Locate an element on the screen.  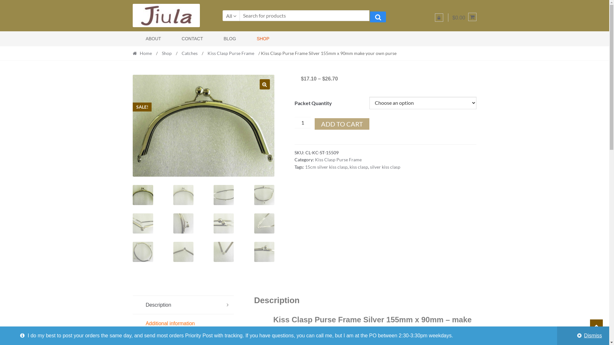
'Catches' is located at coordinates (189, 53).